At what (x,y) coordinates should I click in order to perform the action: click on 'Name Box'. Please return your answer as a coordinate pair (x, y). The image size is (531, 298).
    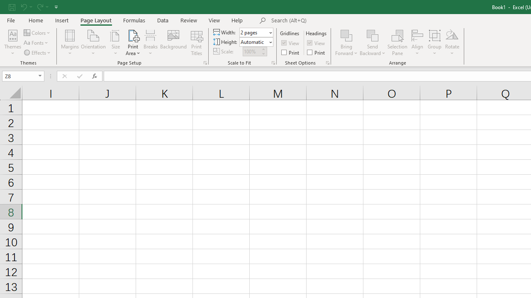
    Looking at the image, I should click on (19, 76).